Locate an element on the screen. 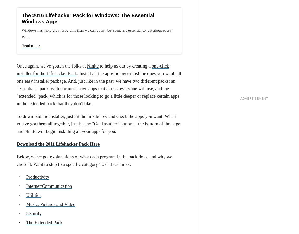 The image size is (299, 234). 'Chrome has' is located at coordinates (28, 84).